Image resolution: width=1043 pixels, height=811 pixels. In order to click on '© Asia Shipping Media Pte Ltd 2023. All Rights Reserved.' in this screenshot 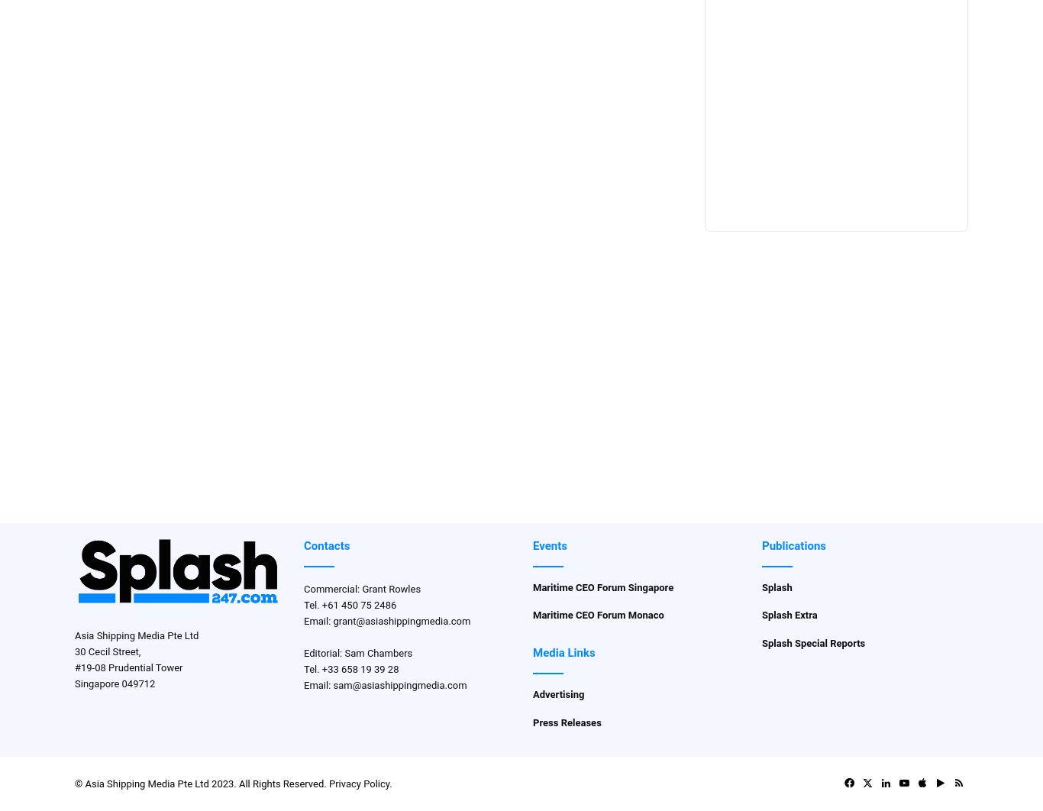, I will do `click(202, 783)`.